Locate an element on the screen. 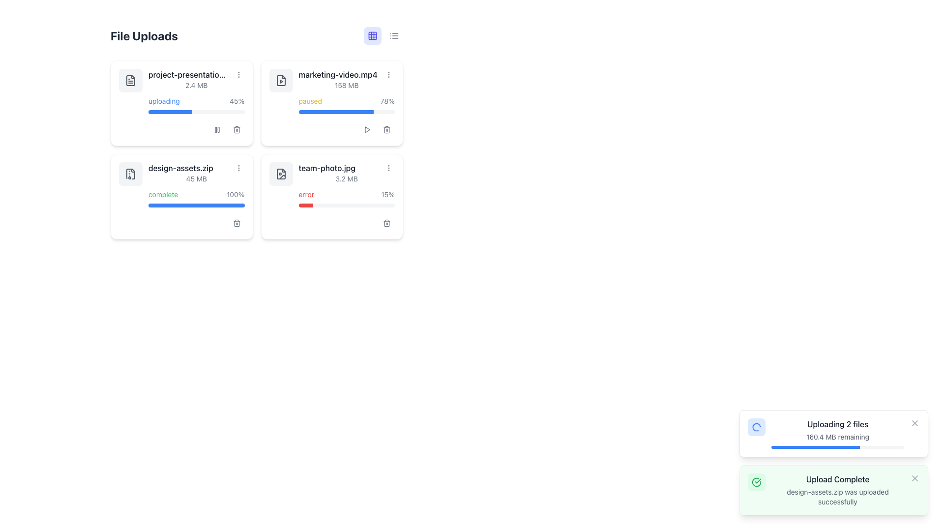 The height and width of the screenshot is (531, 944). the 'X' icon in the top-right corner of the notification component is located at coordinates (914, 477).